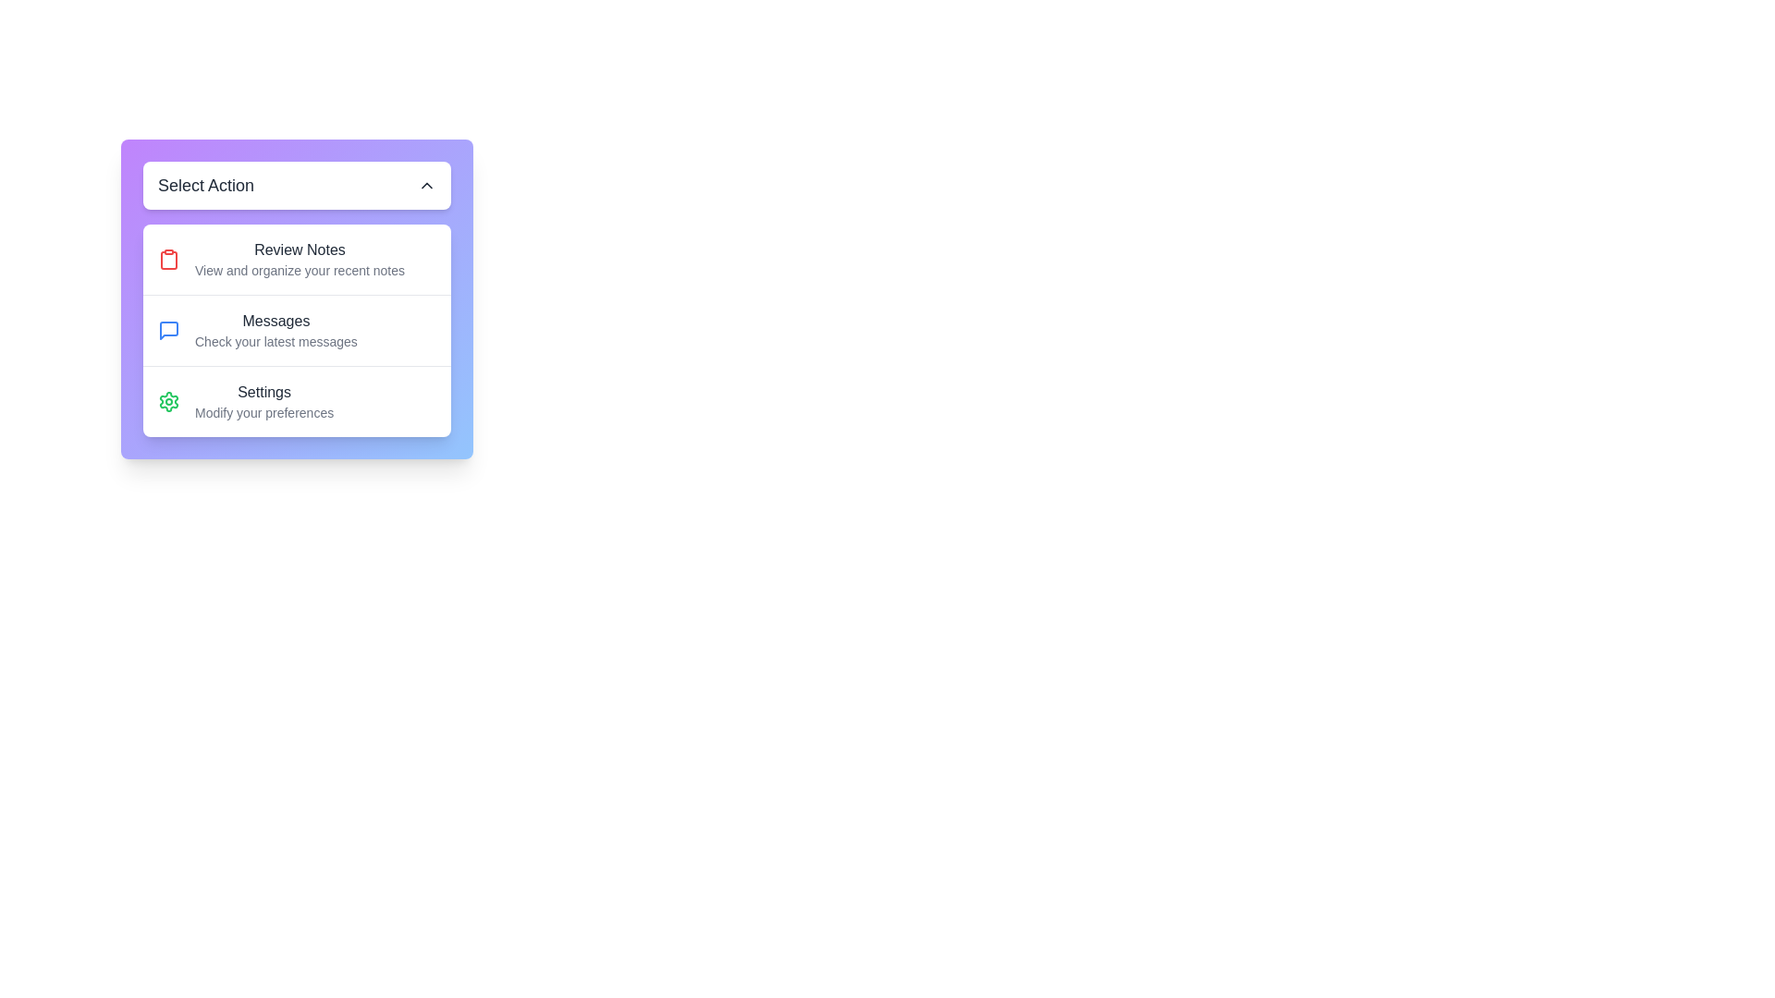  I want to click on descriptive Text label located under the 'Review Notes' section, which provides information about its purpose to the user, so click(300, 271).